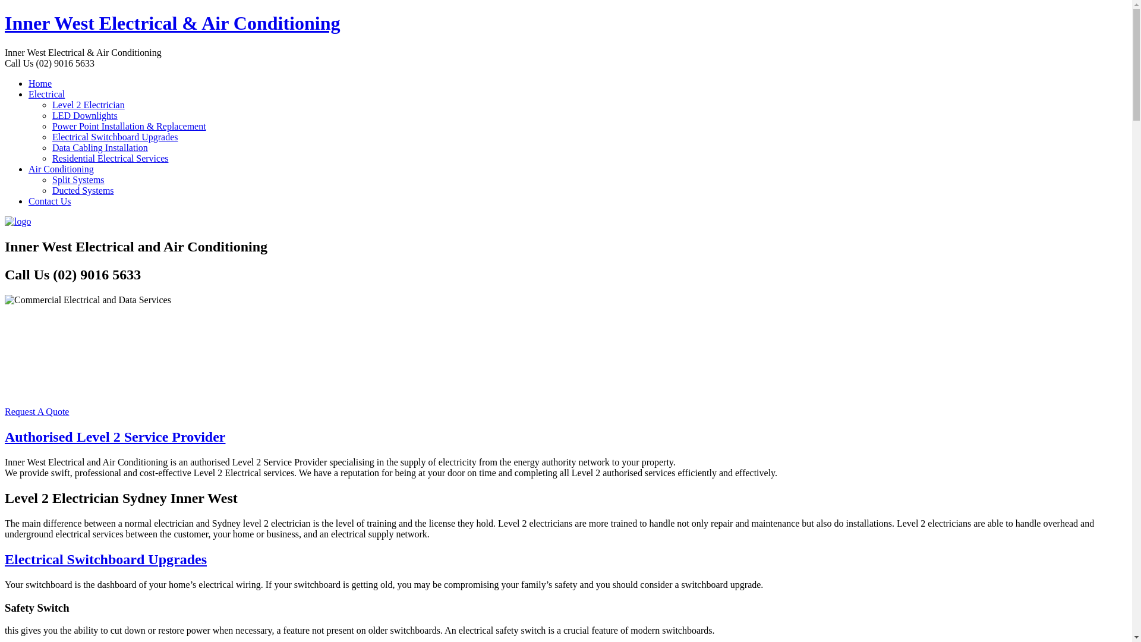  What do you see at coordinates (87, 300) in the screenshot?
I see `'Inner West Electrical and Air Conditioning 1'` at bounding box center [87, 300].